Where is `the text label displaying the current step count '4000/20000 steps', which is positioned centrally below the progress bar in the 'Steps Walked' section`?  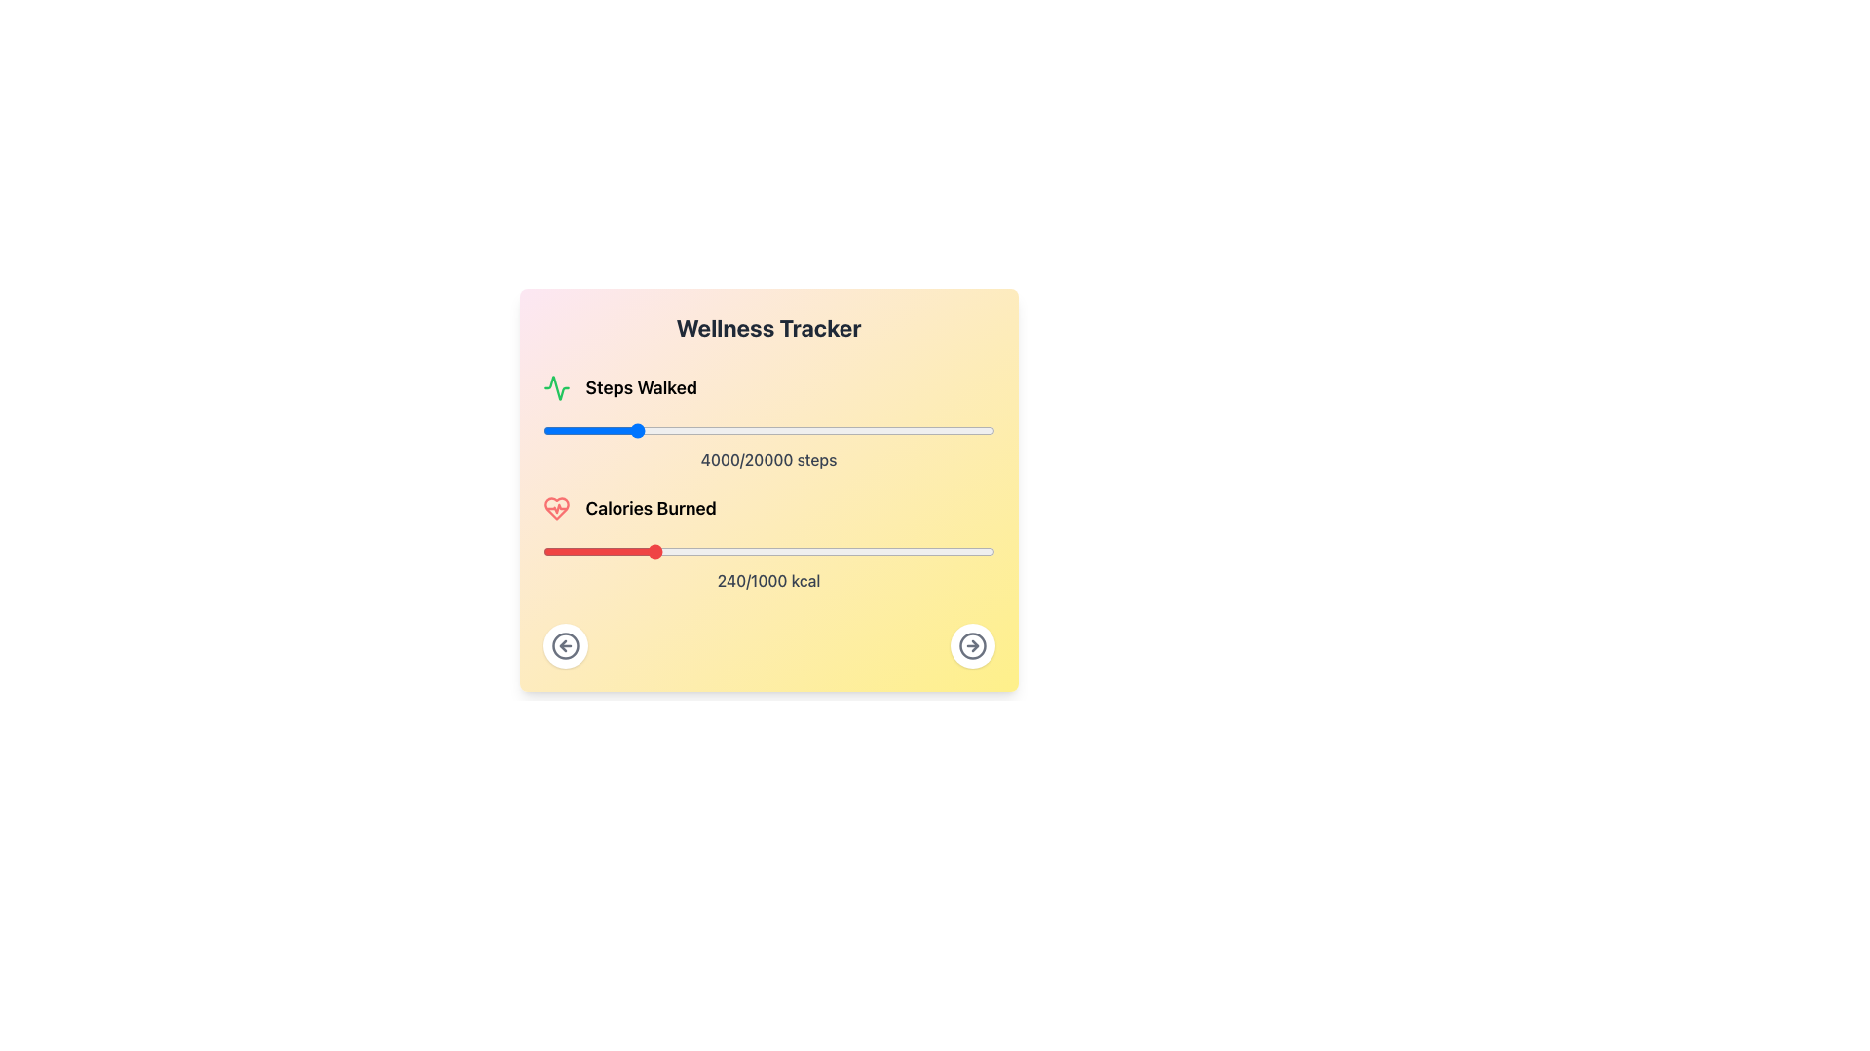 the text label displaying the current step count '4000/20000 steps', which is positioned centrally below the progress bar in the 'Steps Walked' section is located at coordinates (767, 460).